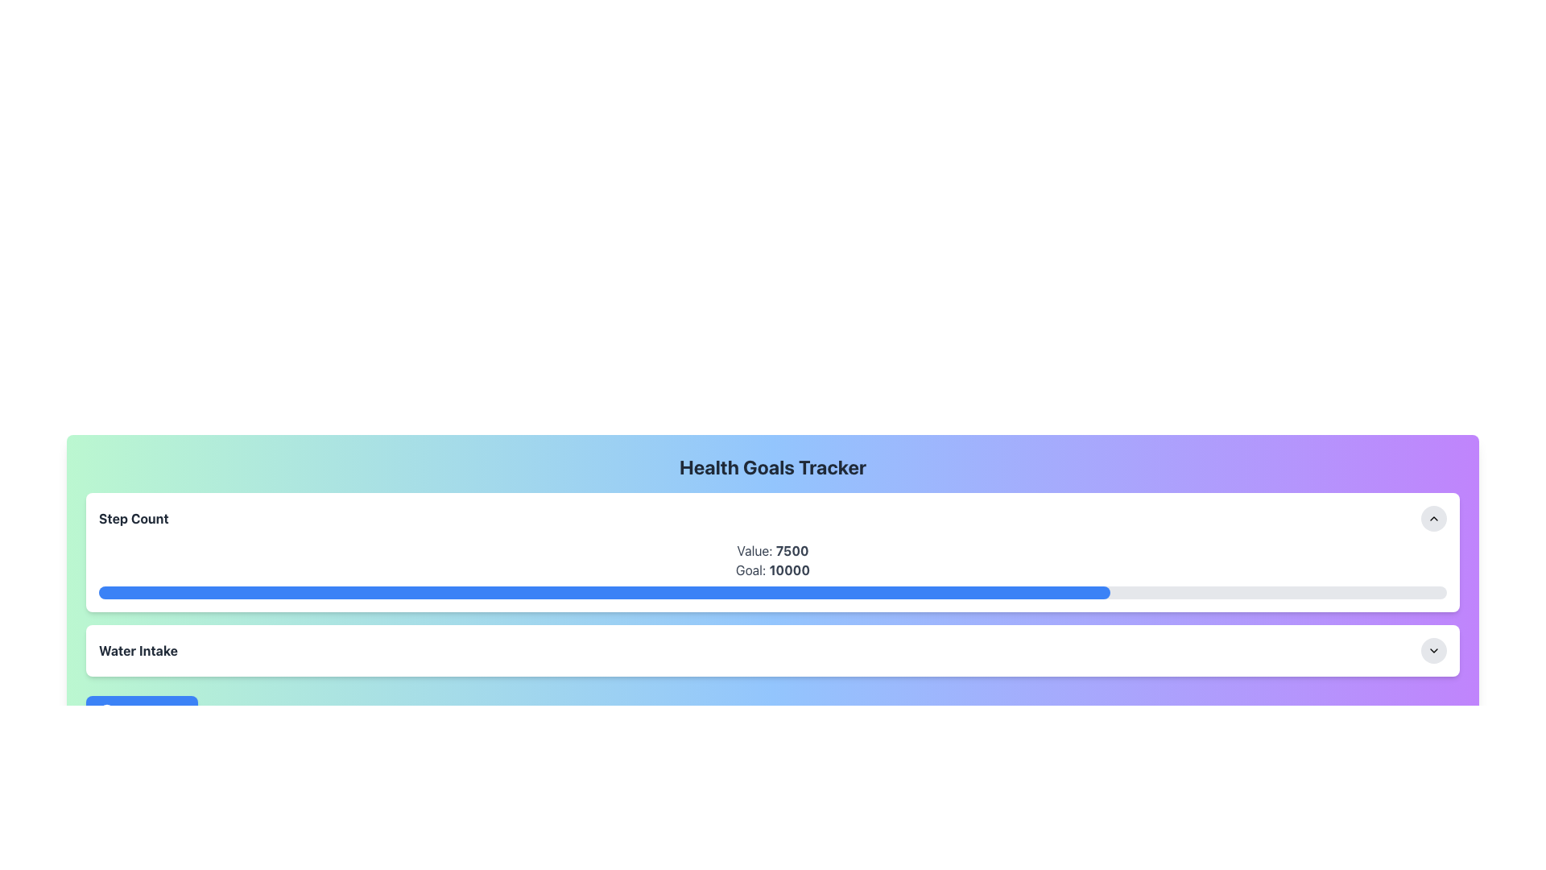  Describe the element at coordinates (106, 710) in the screenshot. I see `the decorative icon located within the 'Add Metric' button, positioned towards the left side` at that location.